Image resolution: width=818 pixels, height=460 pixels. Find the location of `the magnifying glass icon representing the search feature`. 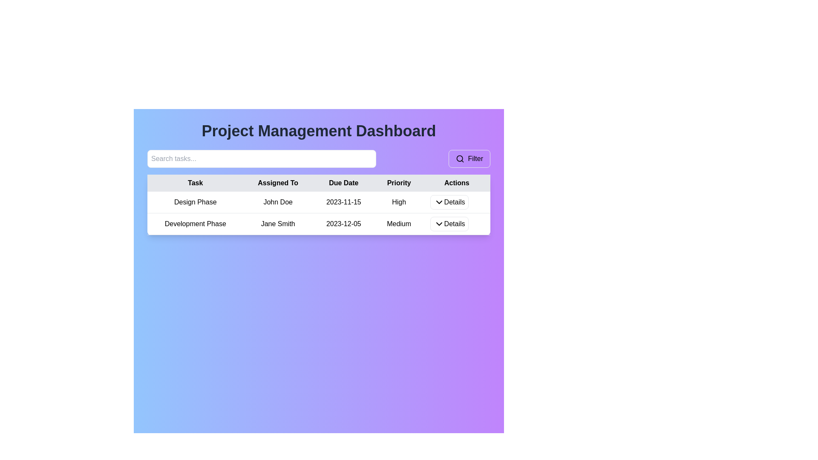

the magnifying glass icon representing the search feature is located at coordinates (460, 159).